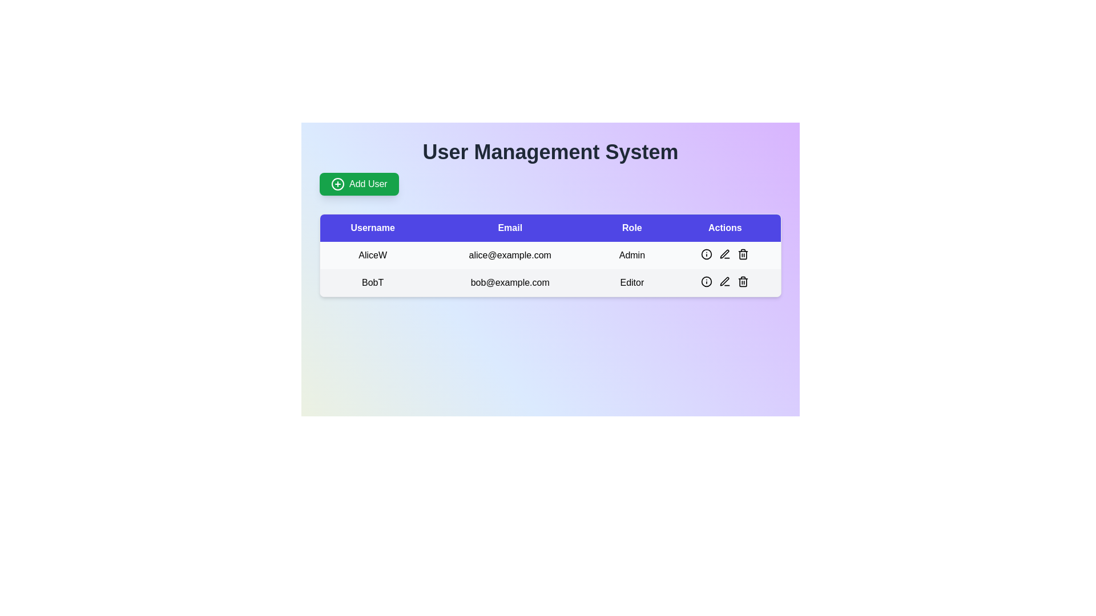 Image resolution: width=1096 pixels, height=616 pixels. Describe the element at coordinates (373, 228) in the screenshot. I see `the static text label 'Username' in the table header, which is a bold white text on a vibrant blue background, positioned at the top-left corner of the header row` at that location.